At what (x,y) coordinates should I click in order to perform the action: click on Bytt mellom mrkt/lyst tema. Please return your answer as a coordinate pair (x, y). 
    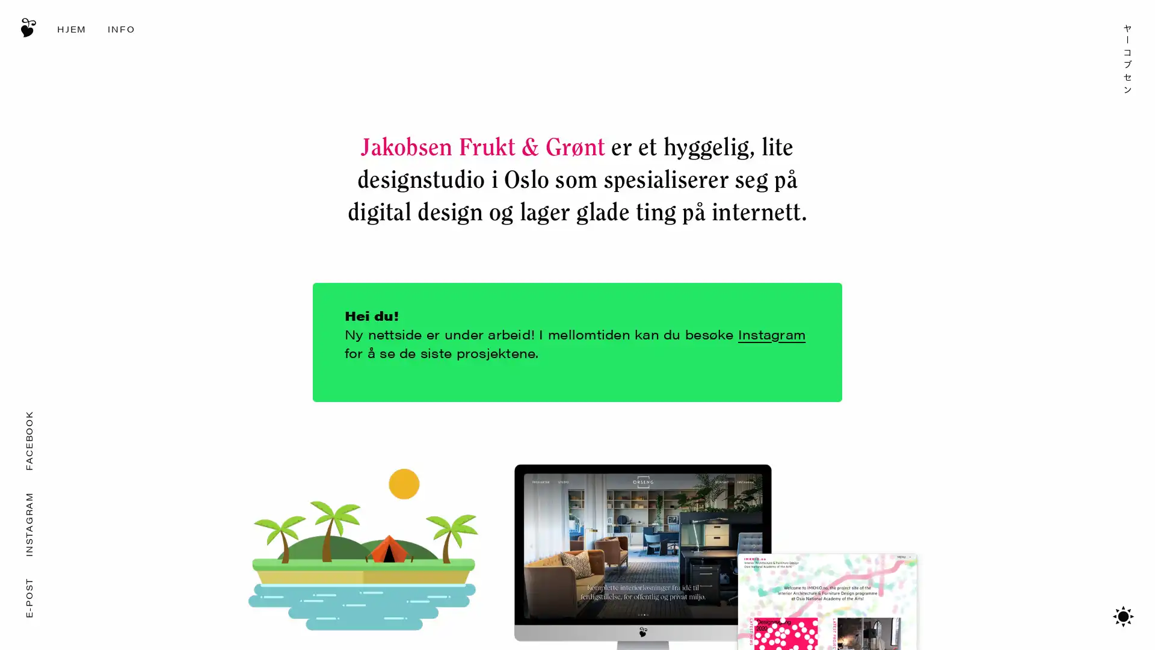
    Looking at the image, I should click on (1122, 617).